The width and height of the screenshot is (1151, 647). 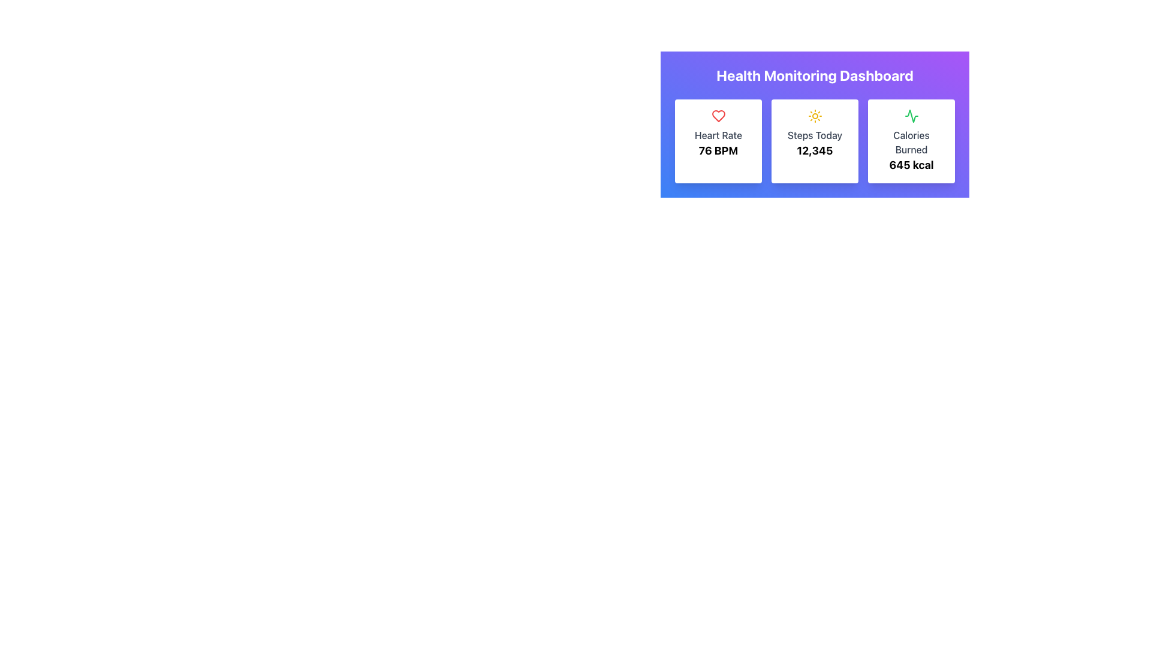 I want to click on the sun icon located at the top of the 'Steps Today' card, which is the second card in a row of three cards, so click(x=815, y=116).